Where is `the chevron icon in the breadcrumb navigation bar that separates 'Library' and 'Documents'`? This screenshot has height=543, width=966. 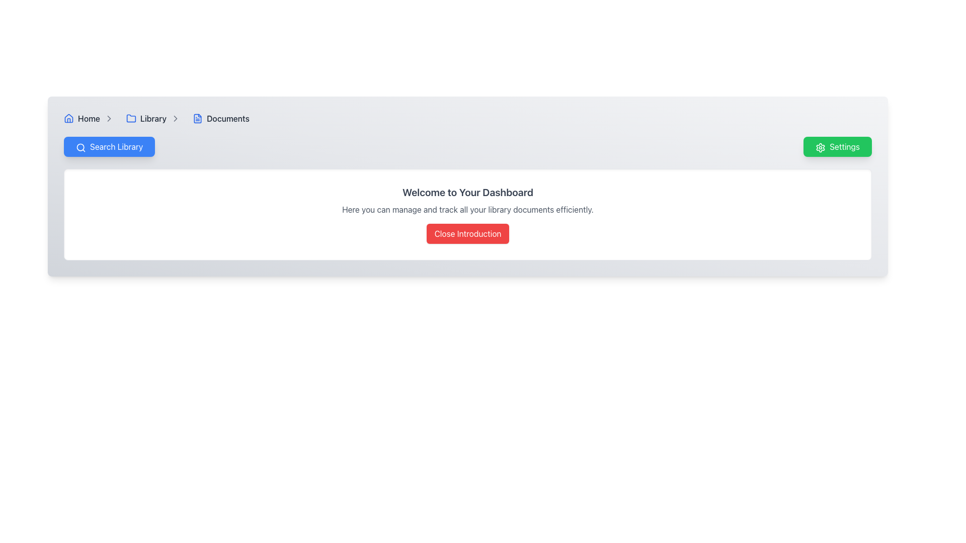 the chevron icon in the breadcrumb navigation bar that separates 'Library' and 'Documents' is located at coordinates (109, 118).